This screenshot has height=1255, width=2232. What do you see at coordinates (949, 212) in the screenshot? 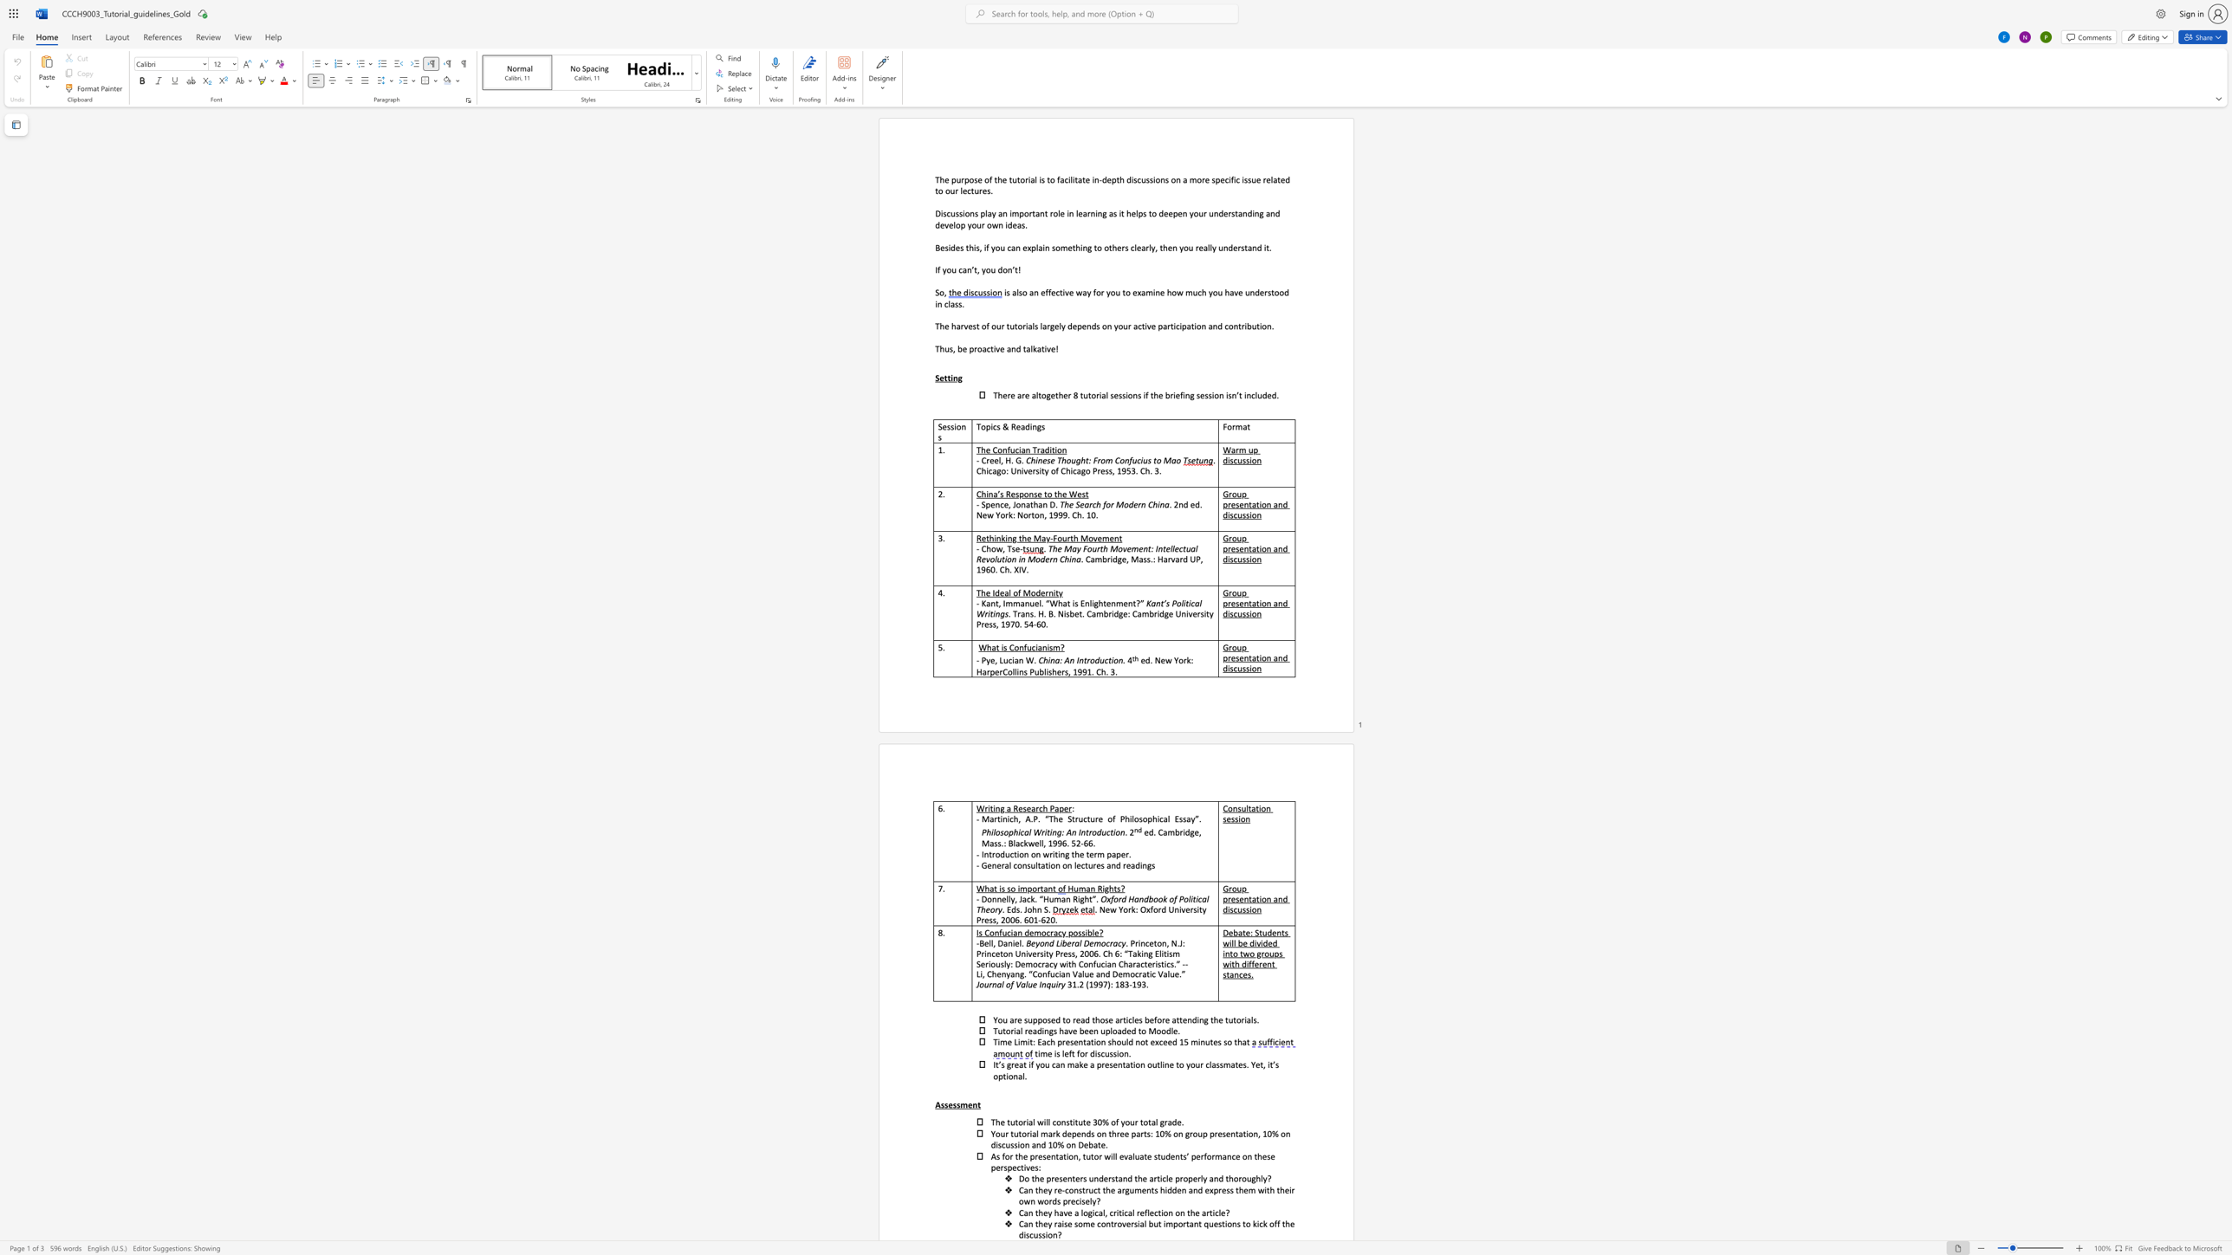
I see `the 1th character "c" in the text` at bounding box center [949, 212].